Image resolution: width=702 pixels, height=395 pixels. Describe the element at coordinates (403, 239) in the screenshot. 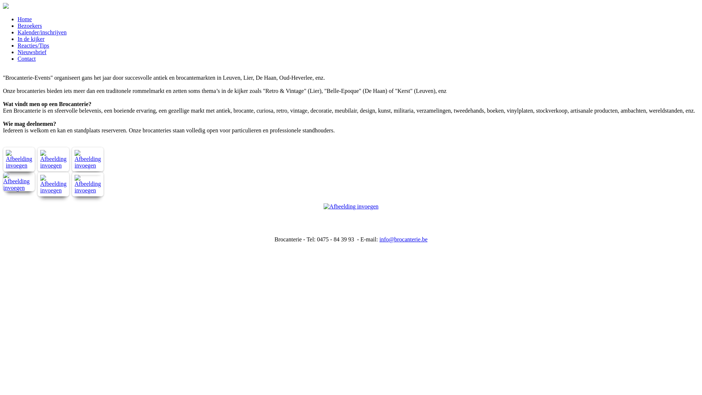

I see `'info@brocanterie.be'` at that location.